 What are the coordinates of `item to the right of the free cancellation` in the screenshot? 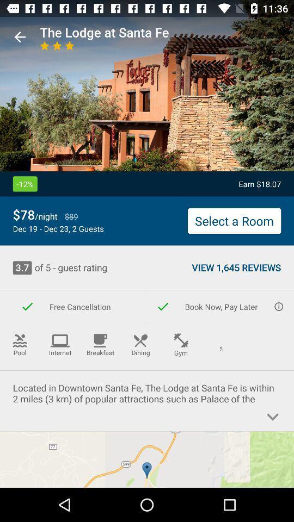 It's located at (220, 307).